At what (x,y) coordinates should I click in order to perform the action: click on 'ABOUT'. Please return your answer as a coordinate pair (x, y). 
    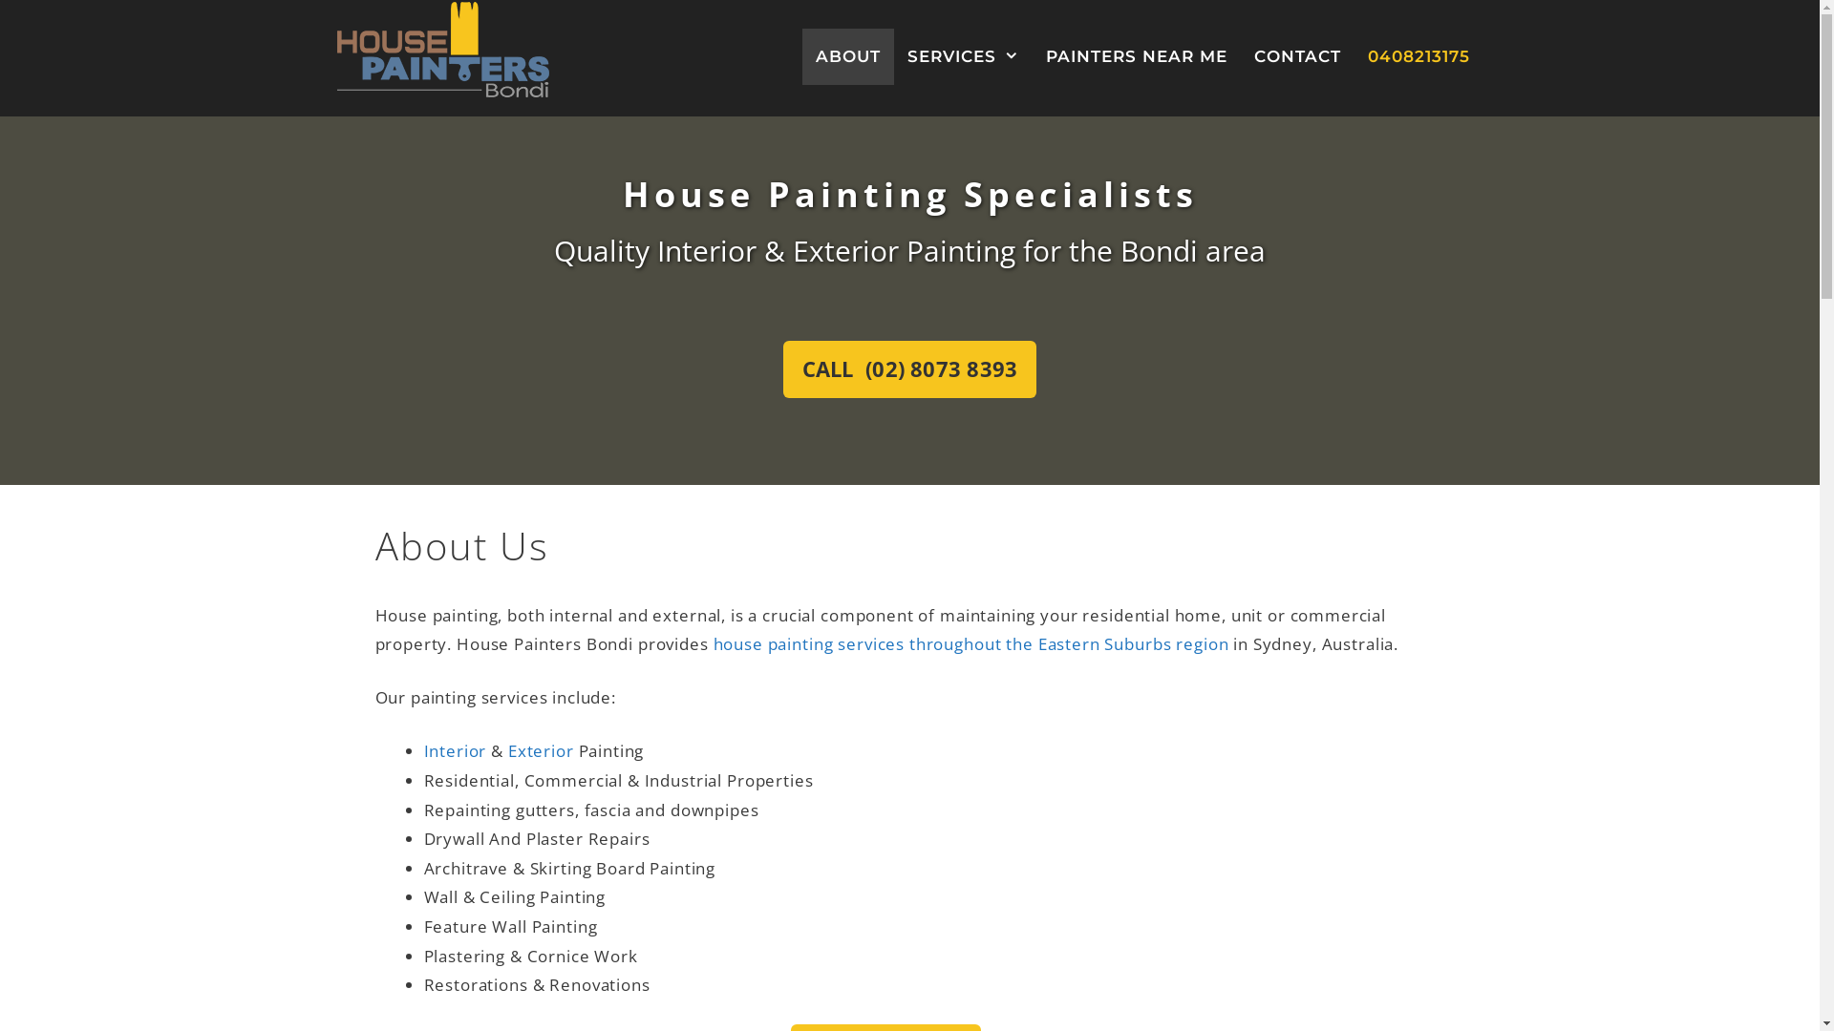
    Looking at the image, I should click on (847, 55).